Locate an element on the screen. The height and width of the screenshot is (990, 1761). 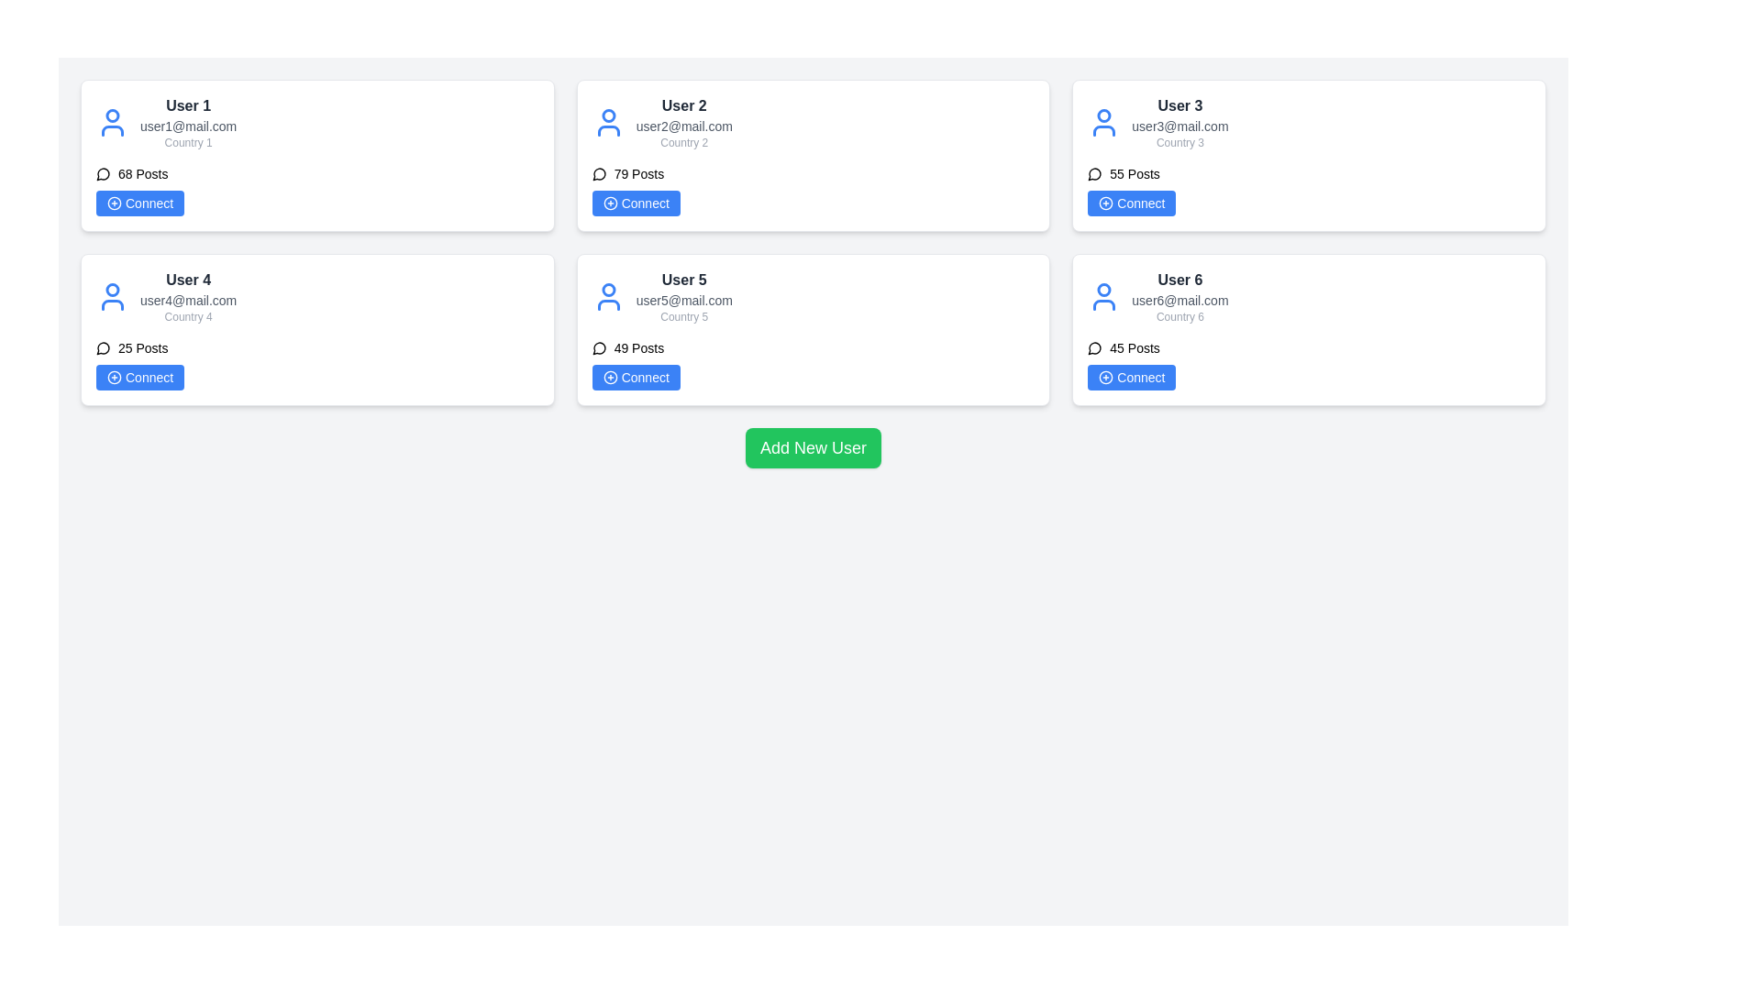
the 'Connect' button with a blue background and white text, located in the second row of the multi-card layout under the card labeled 'User 4' is located at coordinates (139, 377).